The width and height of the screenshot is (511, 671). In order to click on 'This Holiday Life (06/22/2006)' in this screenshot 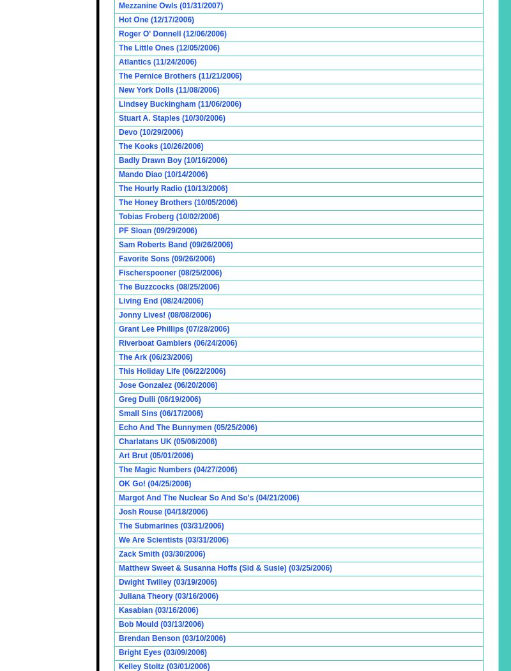, I will do `click(172, 370)`.